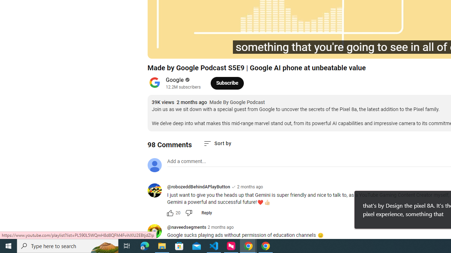  Describe the element at coordinates (217, 143) in the screenshot. I see `'Sort comments'` at that location.